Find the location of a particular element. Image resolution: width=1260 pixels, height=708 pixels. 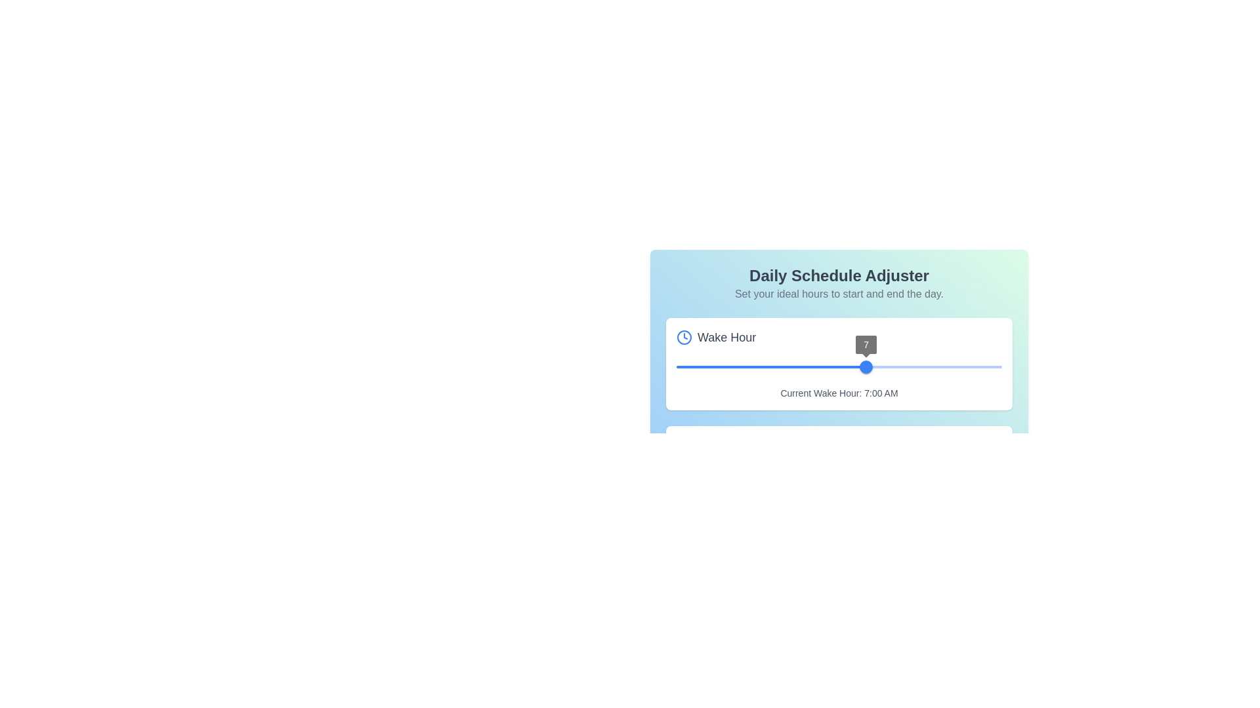

the wake hour is located at coordinates (704, 366).